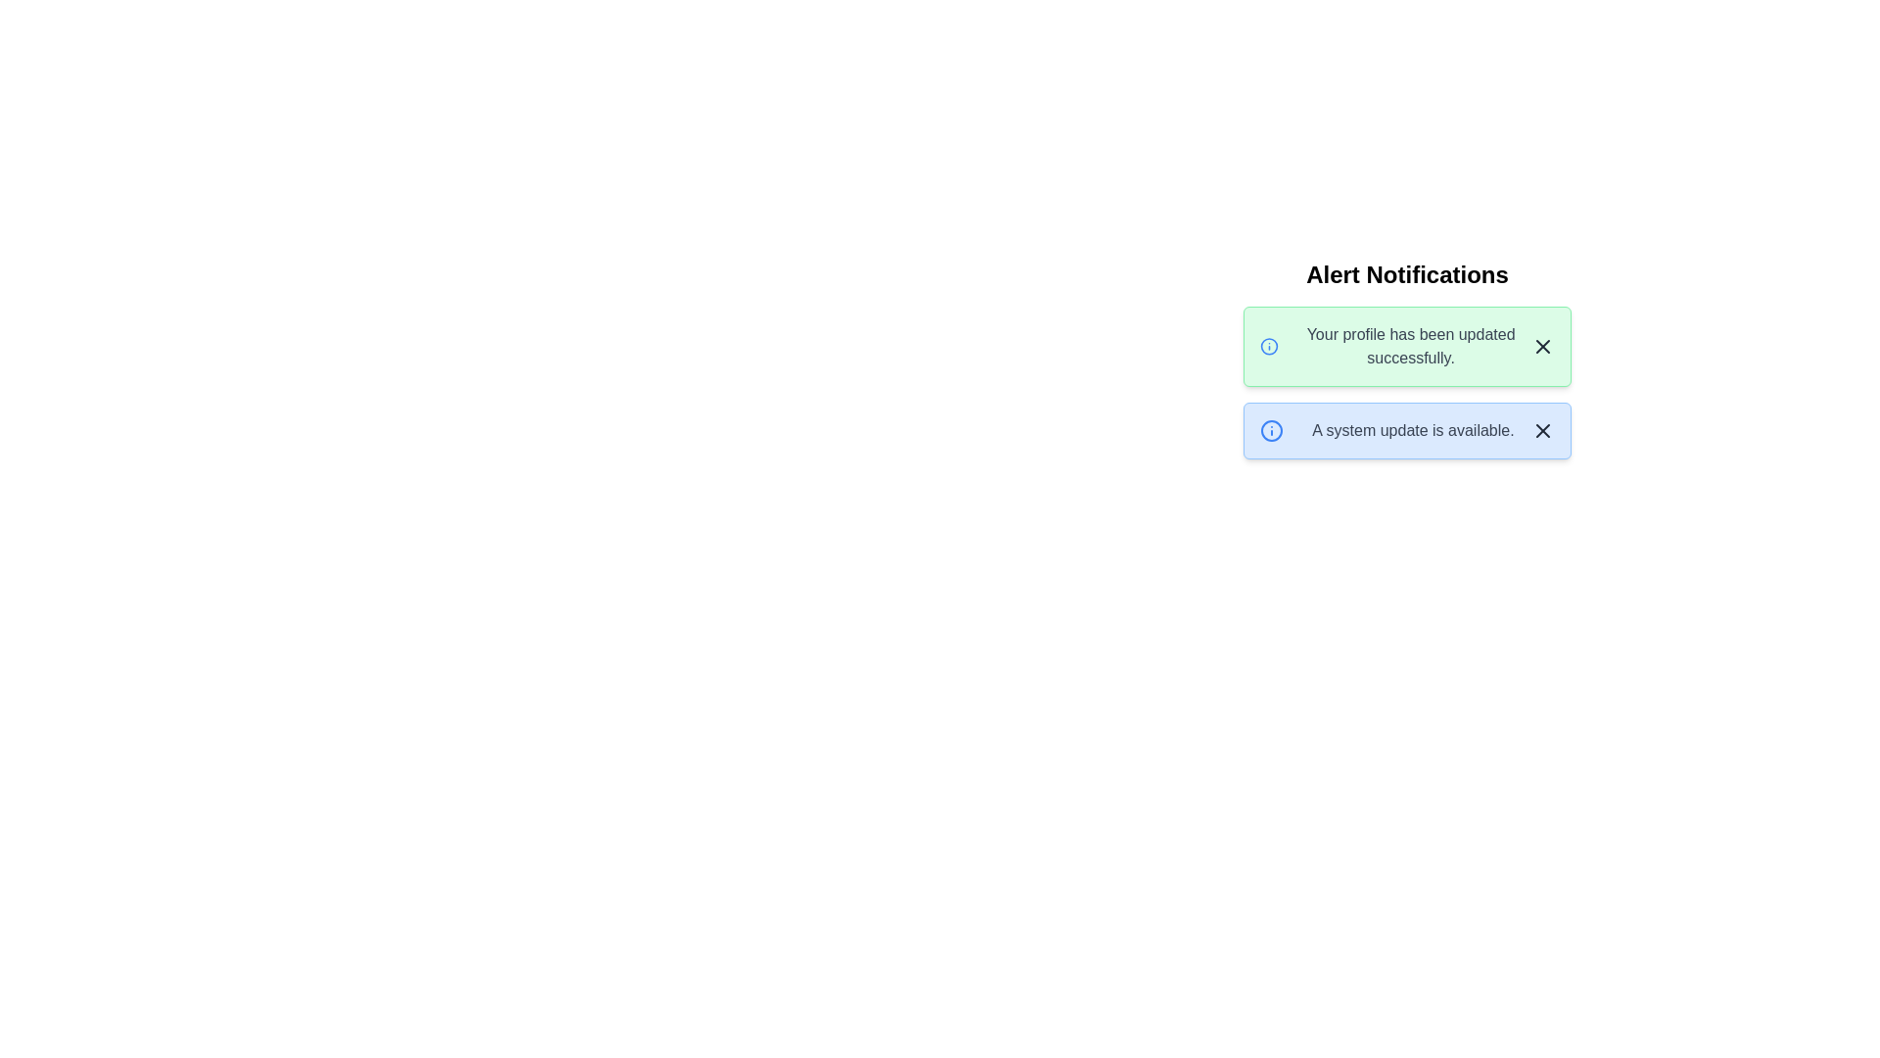 This screenshot has width=1880, height=1058. I want to click on the 'X' icon button with a light blue background located in the top-right corner of the notification card that displays 'A system update is available.', so click(1541, 429).